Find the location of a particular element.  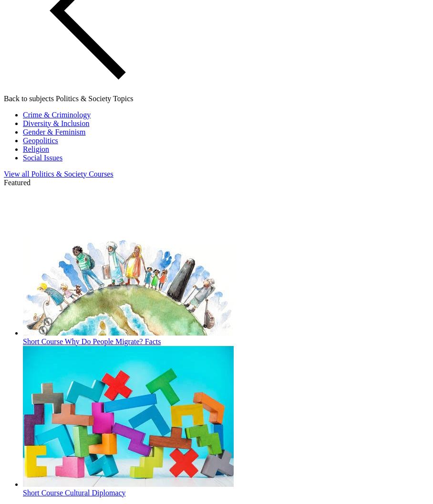

'Social Issues' is located at coordinates (42, 157).